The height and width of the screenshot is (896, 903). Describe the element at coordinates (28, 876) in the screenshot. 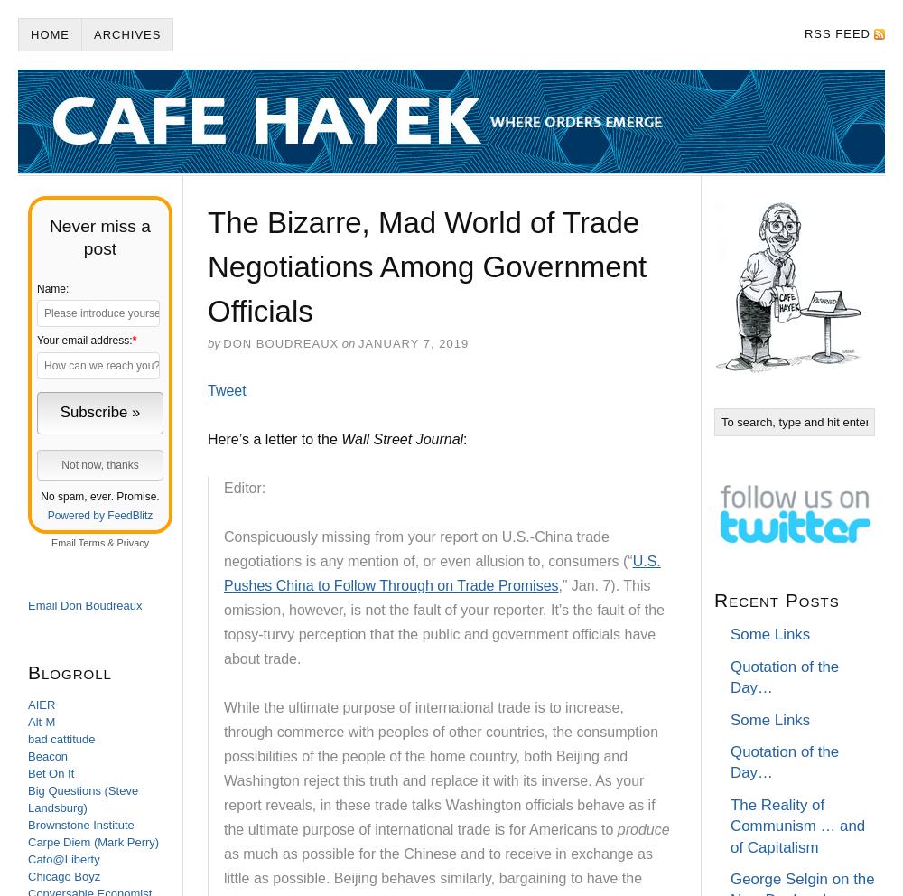

I see `'Chicago Boyz'` at that location.